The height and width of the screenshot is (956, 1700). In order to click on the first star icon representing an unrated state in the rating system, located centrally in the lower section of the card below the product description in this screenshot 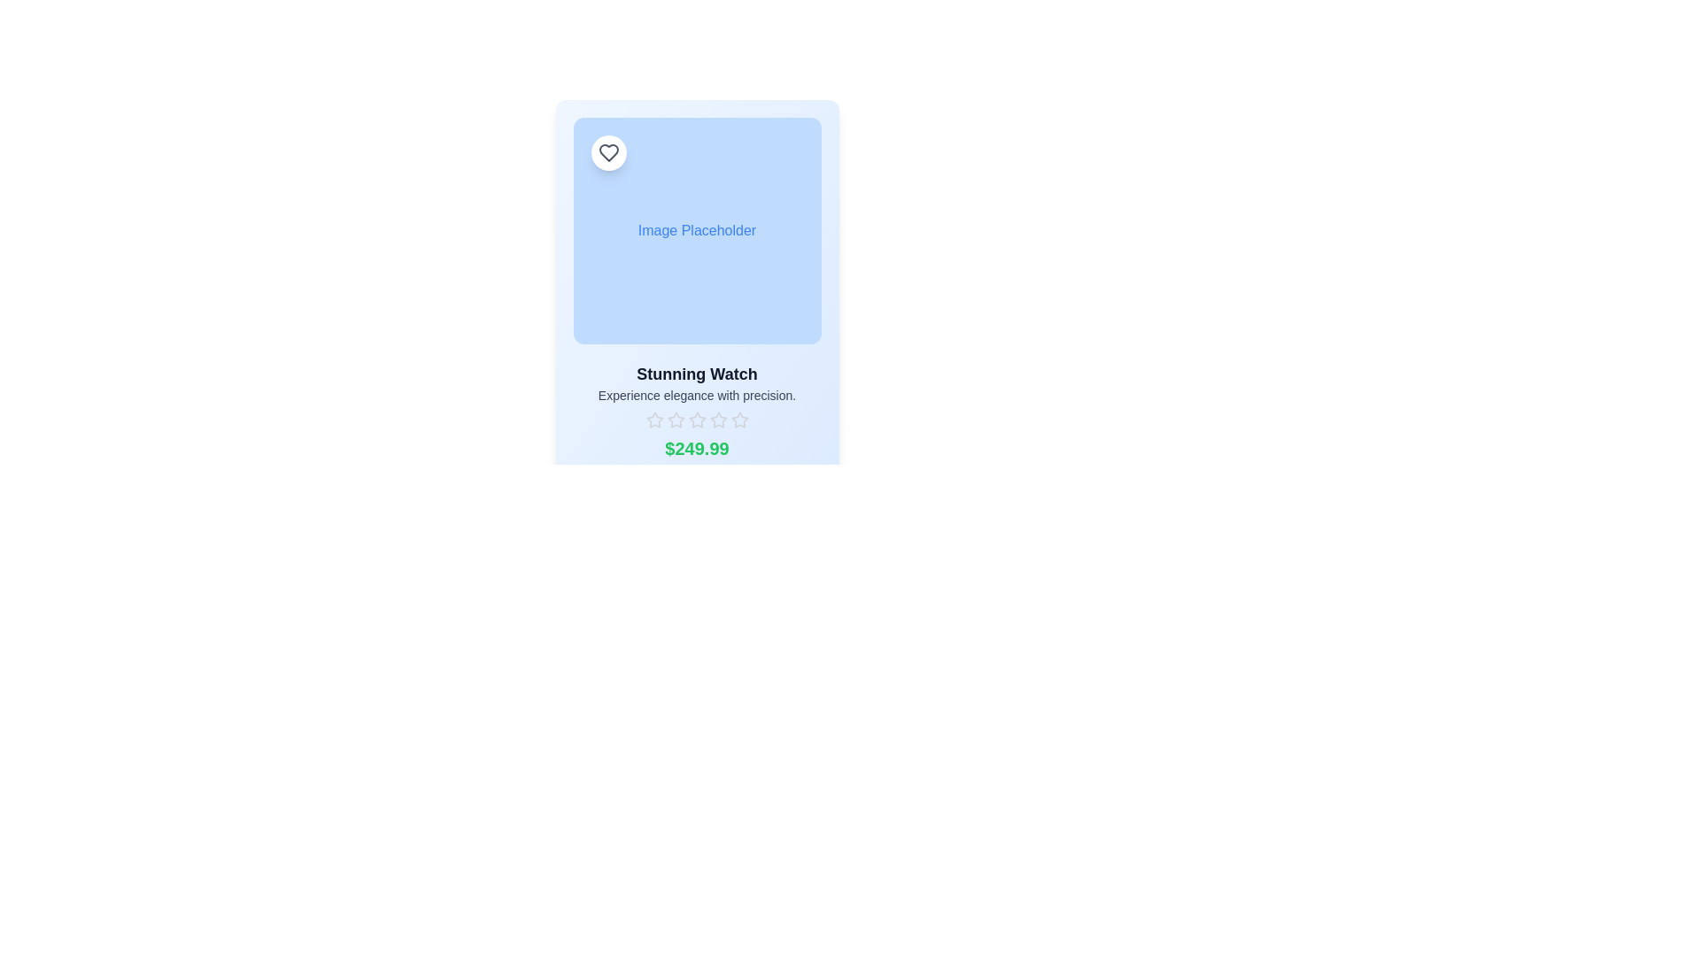, I will do `click(653, 420)`.